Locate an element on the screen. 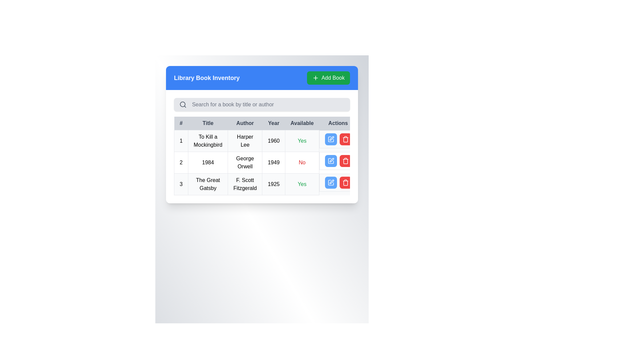  the first table row displaying the book title 'To Kill a Mockingbird' by author 'Harper Lee' is located at coordinates (265, 141).